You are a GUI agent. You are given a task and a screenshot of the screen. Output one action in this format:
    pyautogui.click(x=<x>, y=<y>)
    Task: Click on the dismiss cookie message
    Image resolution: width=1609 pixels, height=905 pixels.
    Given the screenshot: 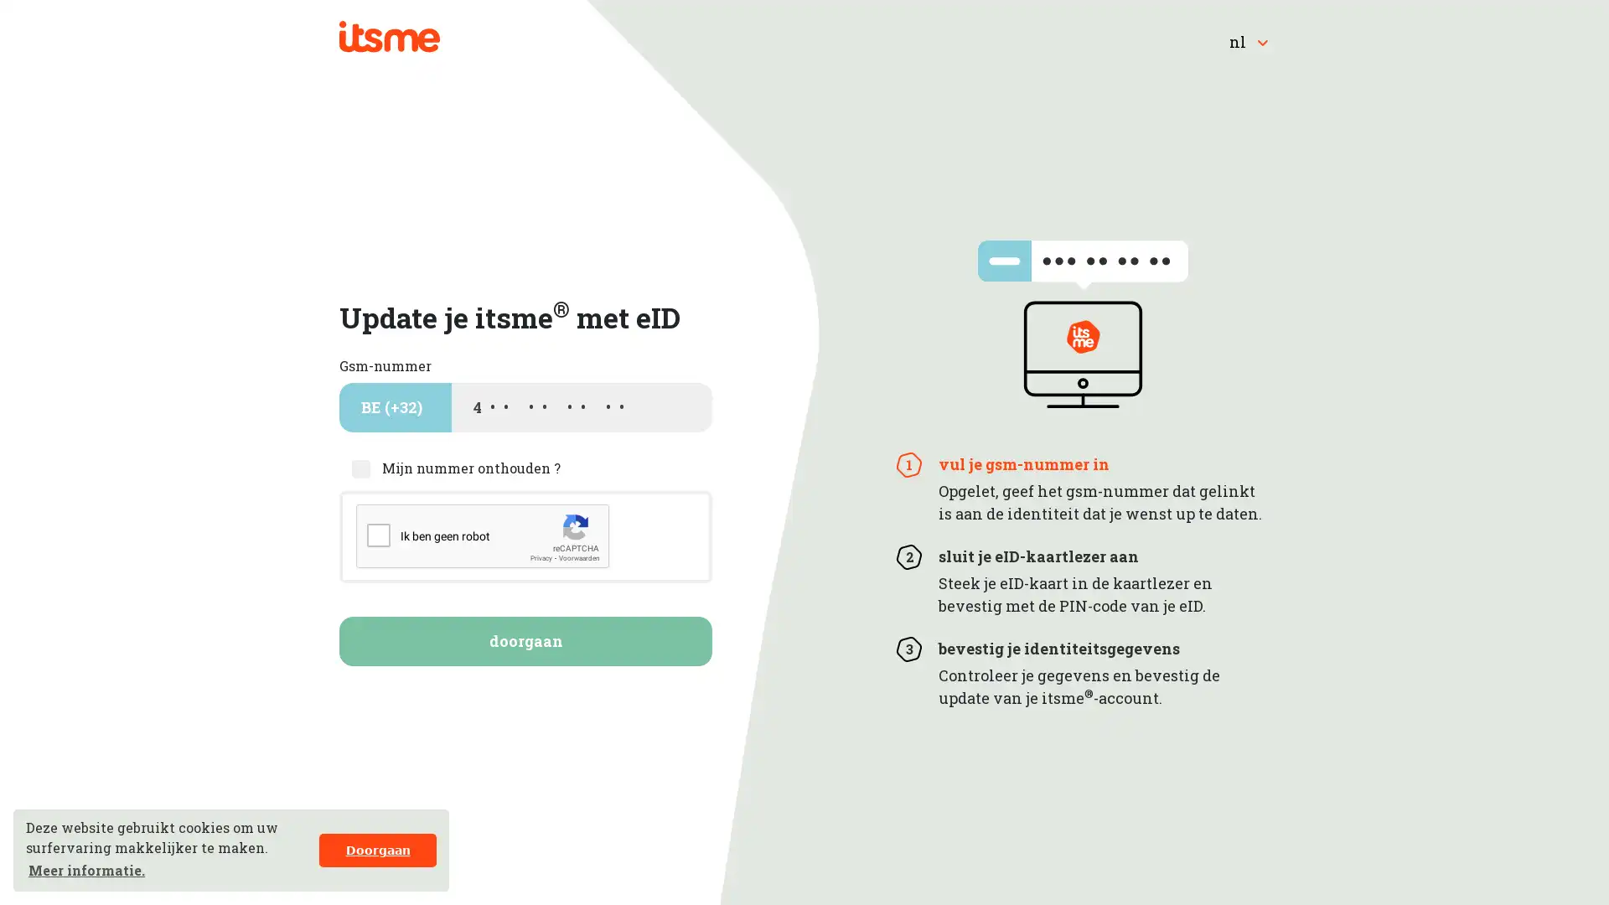 What is the action you would take?
    pyautogui.click(x=377, y=850)
    